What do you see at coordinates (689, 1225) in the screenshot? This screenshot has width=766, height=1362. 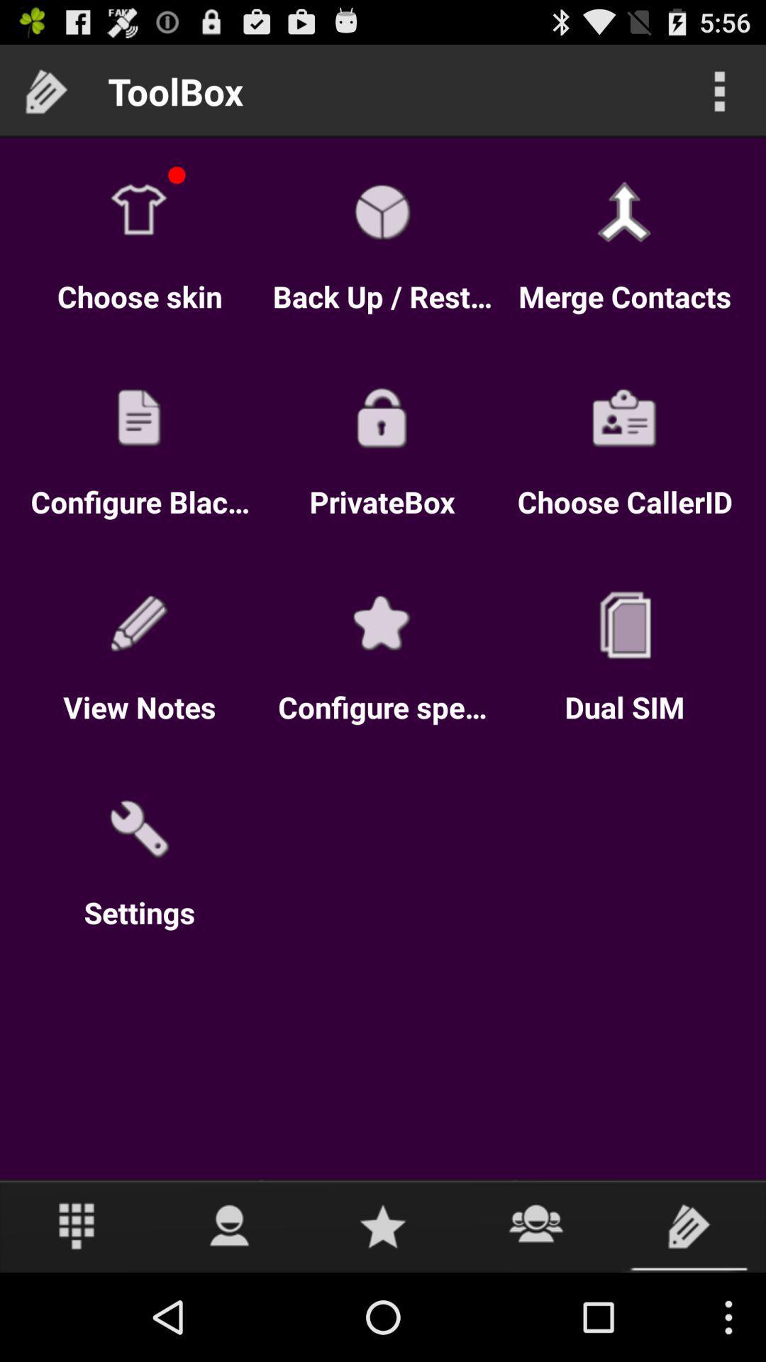 I see `click for toolbox` at bounding box center [689, 1225].